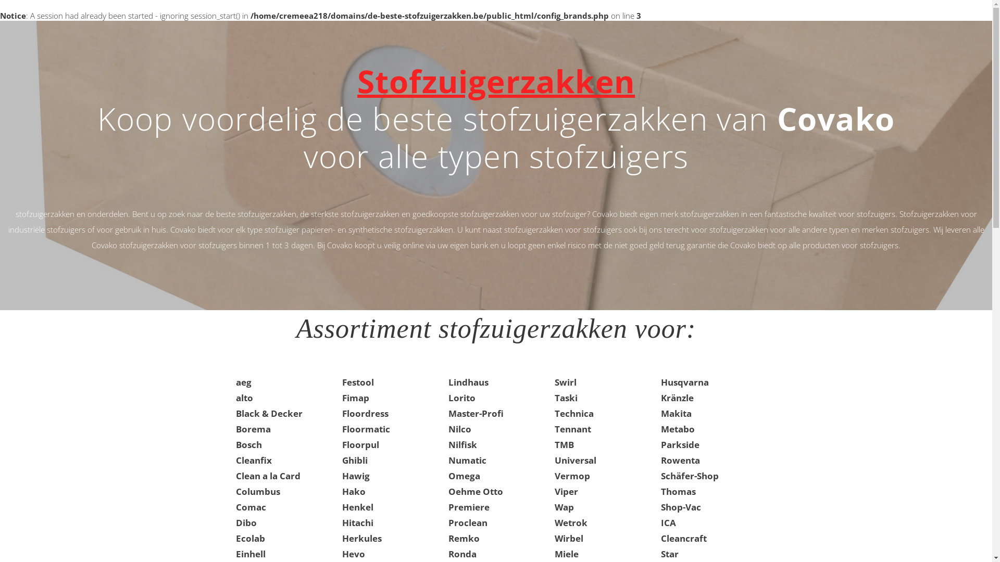 This screenshot has height=562, width=1000. What do you see at coordinates (684, 382) in the screenshot?
I see `'Husqvarna'` at bounding box center [684, 382].